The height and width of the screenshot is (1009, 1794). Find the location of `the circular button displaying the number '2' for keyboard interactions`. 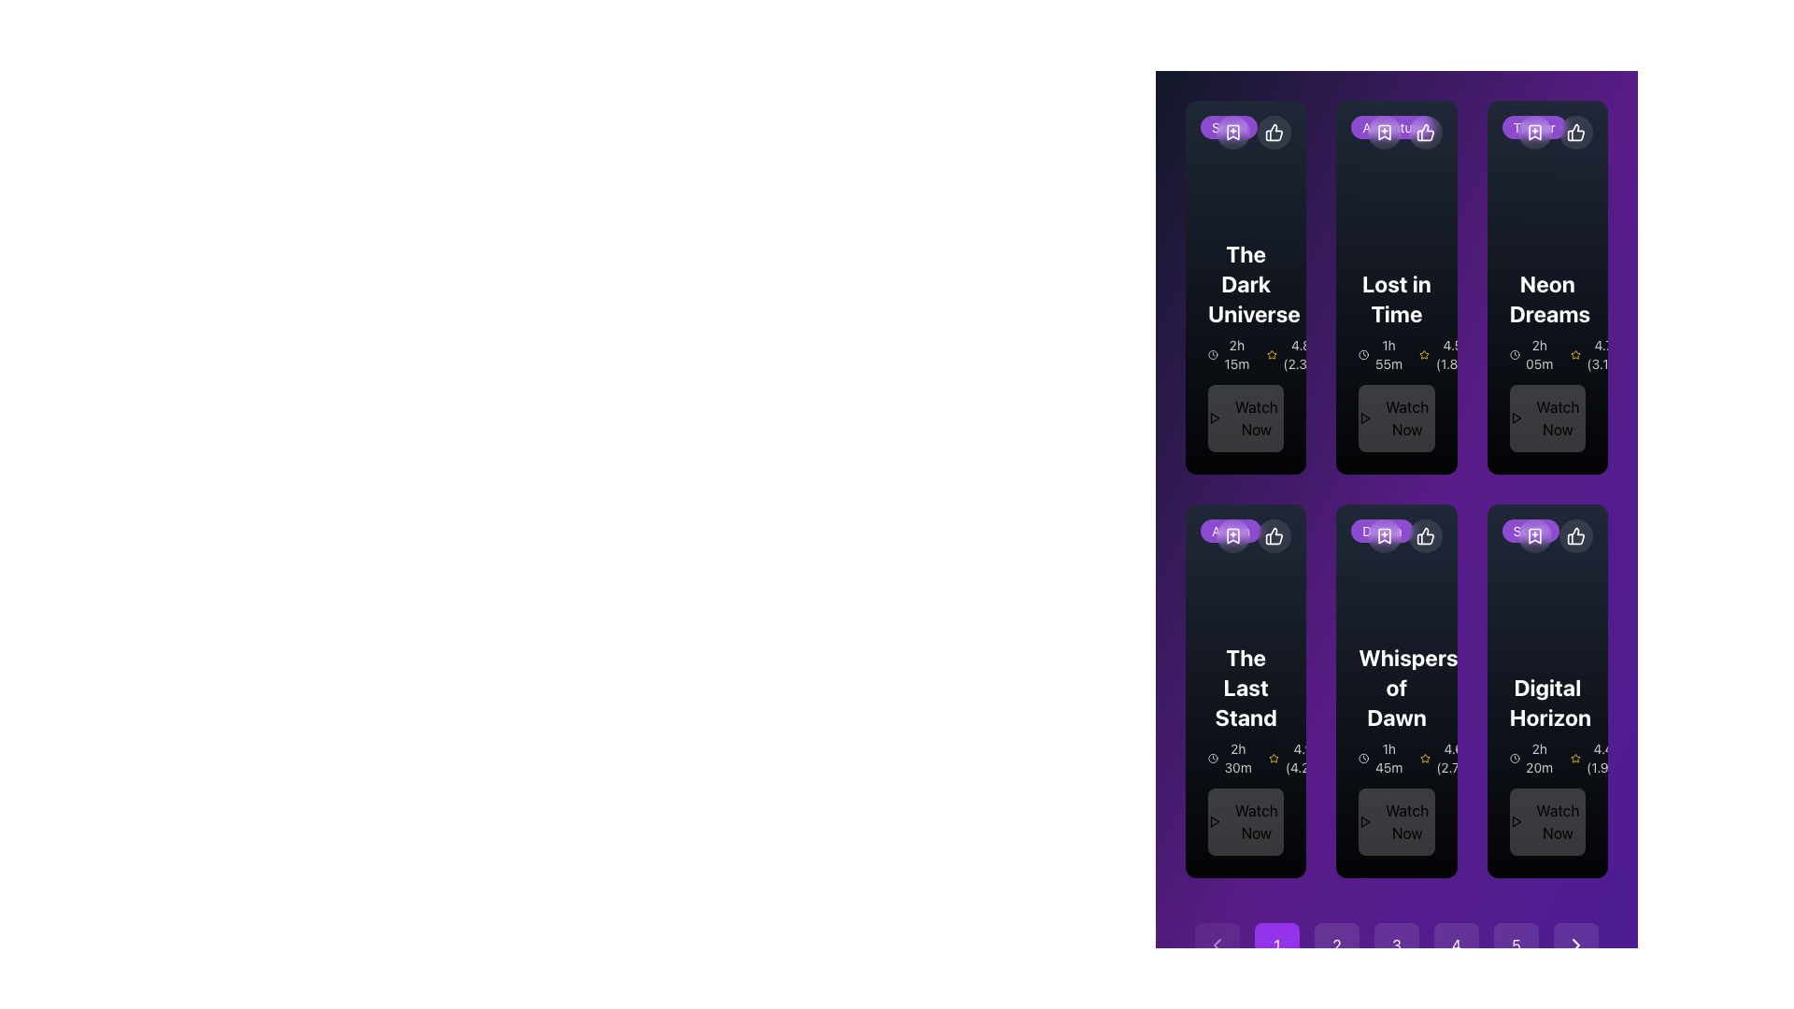

the circular button displaying the number '2' for keyboard interactions is located at coordinates (1335, 945).